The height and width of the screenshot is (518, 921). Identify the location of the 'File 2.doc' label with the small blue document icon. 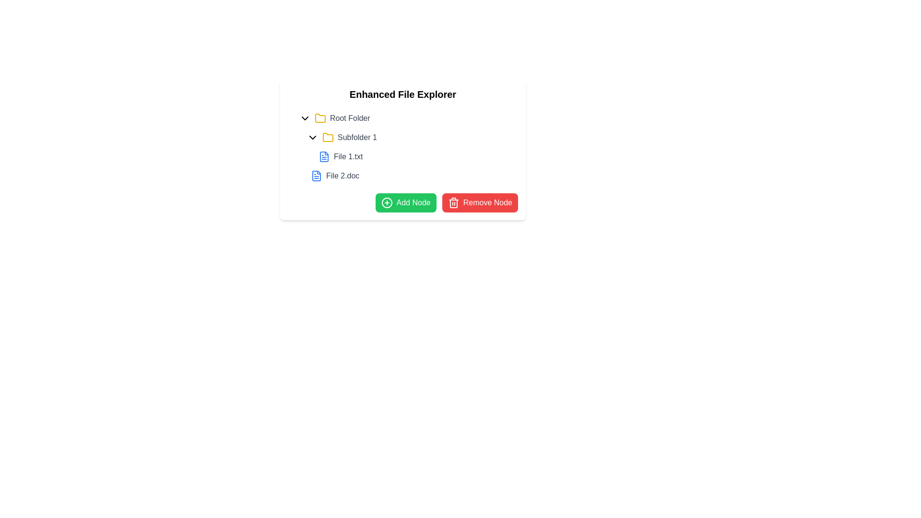
(335, 176).